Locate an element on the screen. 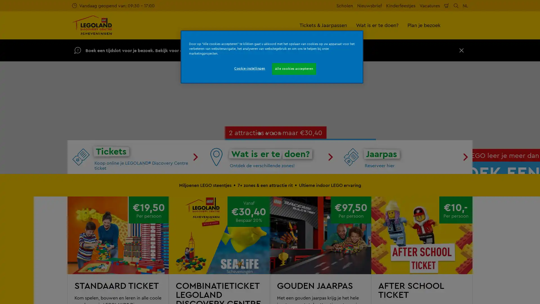 The image size is (540, 304). Go to slide 4 is located at coordinates (280, 240).